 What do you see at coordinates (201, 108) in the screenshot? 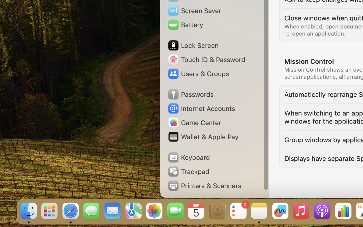
I see `'Internet Accounts'` at bounding box center [201, 108].